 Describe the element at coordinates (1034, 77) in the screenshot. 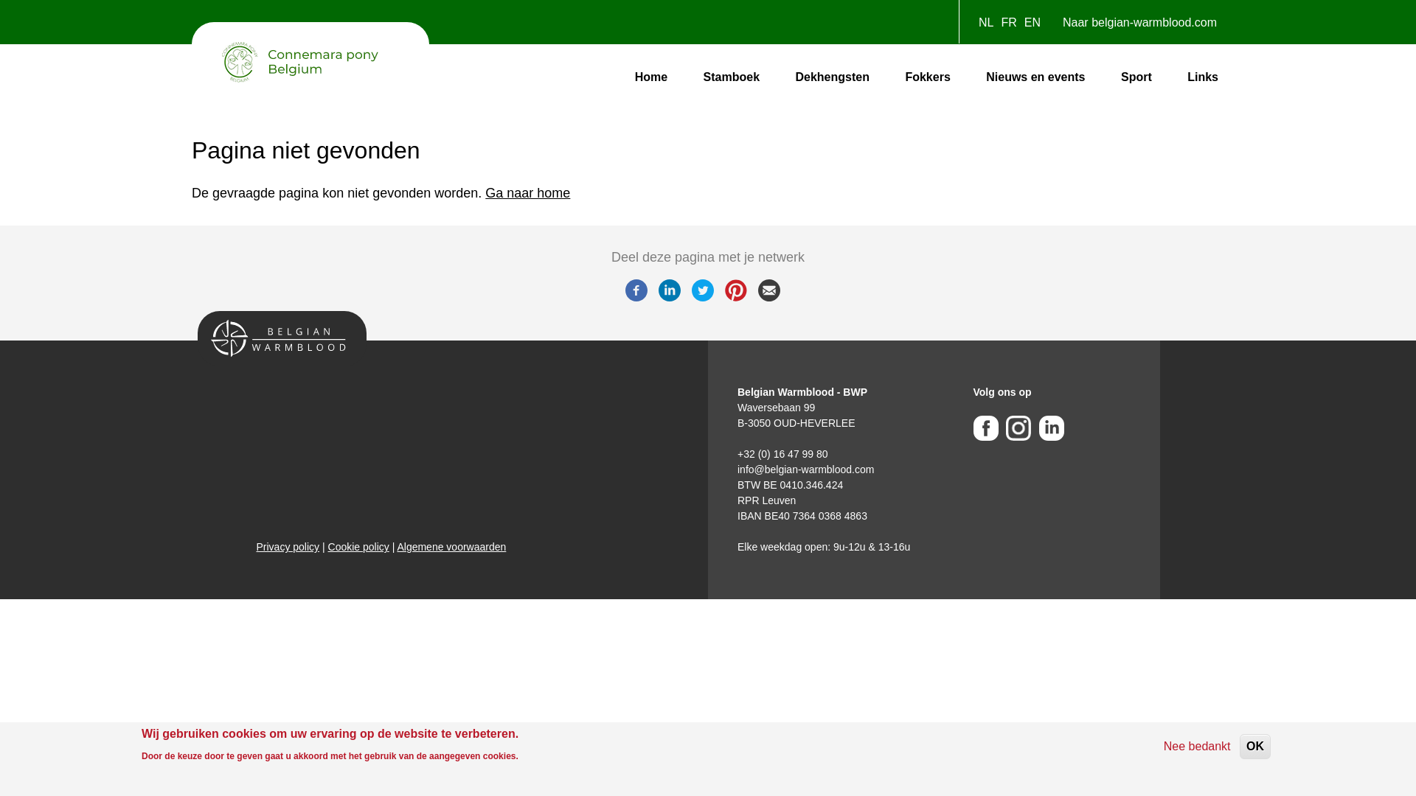

I see `'Nieuws en events'` at that location.